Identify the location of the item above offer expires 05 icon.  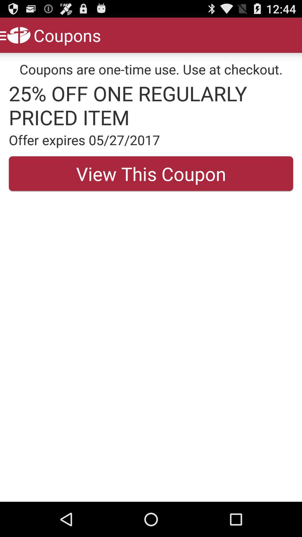
(151, 105).